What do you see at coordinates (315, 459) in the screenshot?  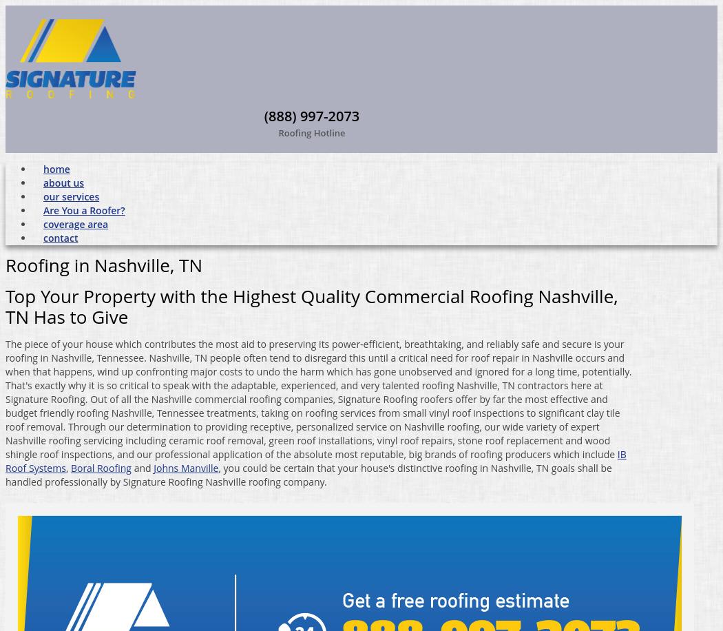 I see `'IB Roof Systems'` at bounding box center [315, 459].